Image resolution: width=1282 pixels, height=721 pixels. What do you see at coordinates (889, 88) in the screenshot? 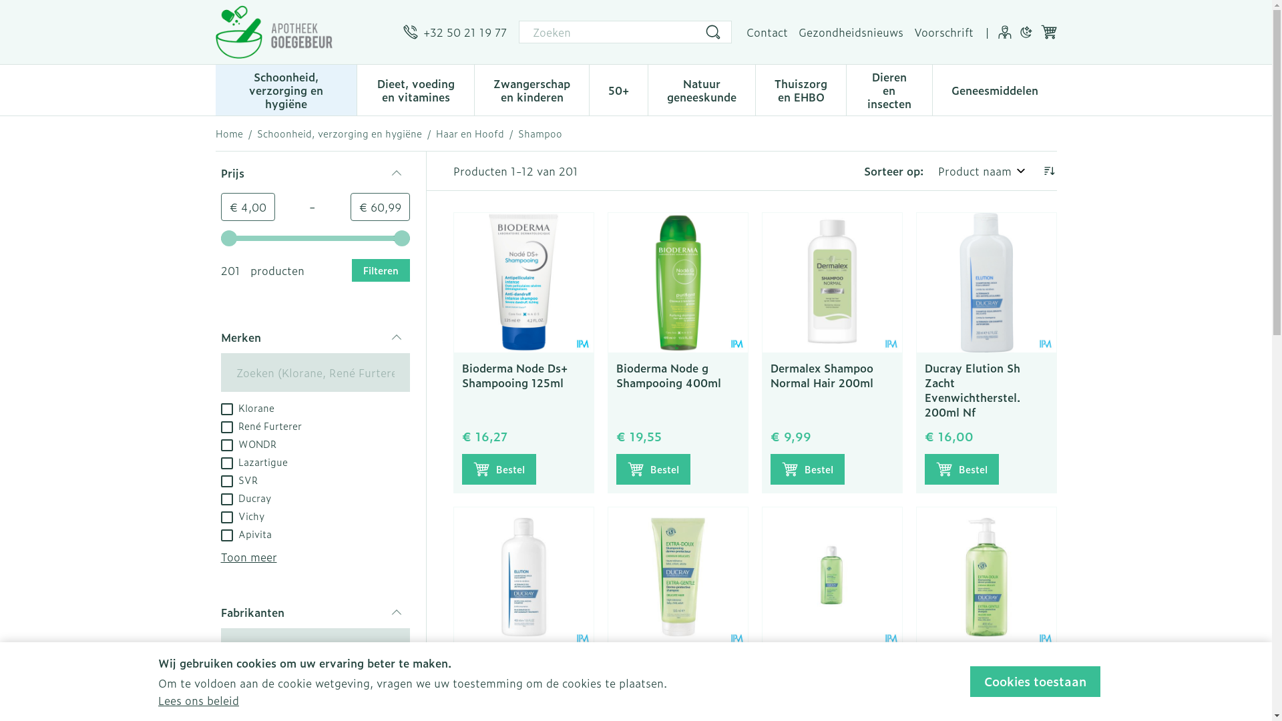
I see `'Dieren en insecten'` at bounding box center [889, 88].